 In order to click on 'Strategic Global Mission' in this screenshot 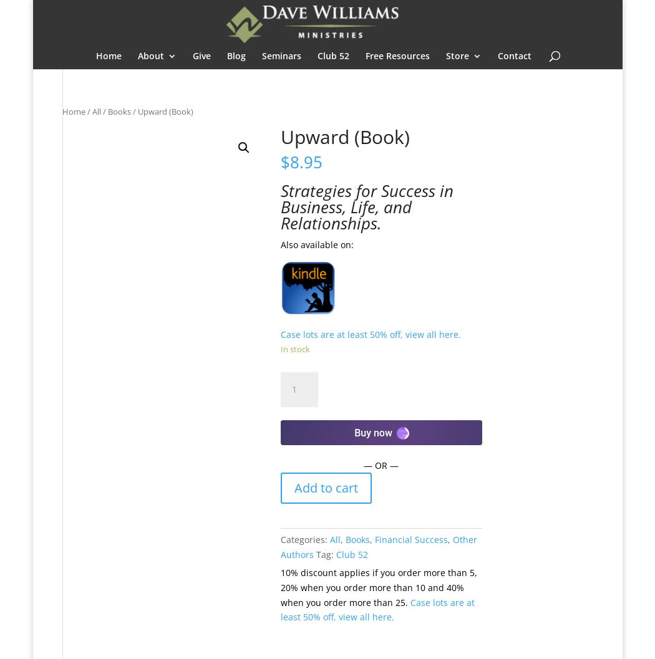, I will do `click(196, 153)`.